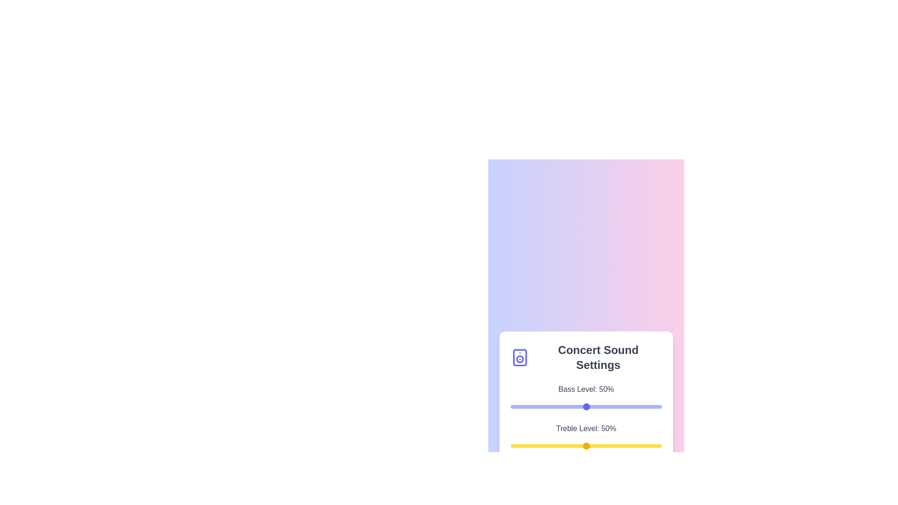 This screenshot has height=505, width=898. What do you see at coordinates (627, 406) in the screenshot?
I see `the bass level slider to 77%` at bounding box center [627, 406].